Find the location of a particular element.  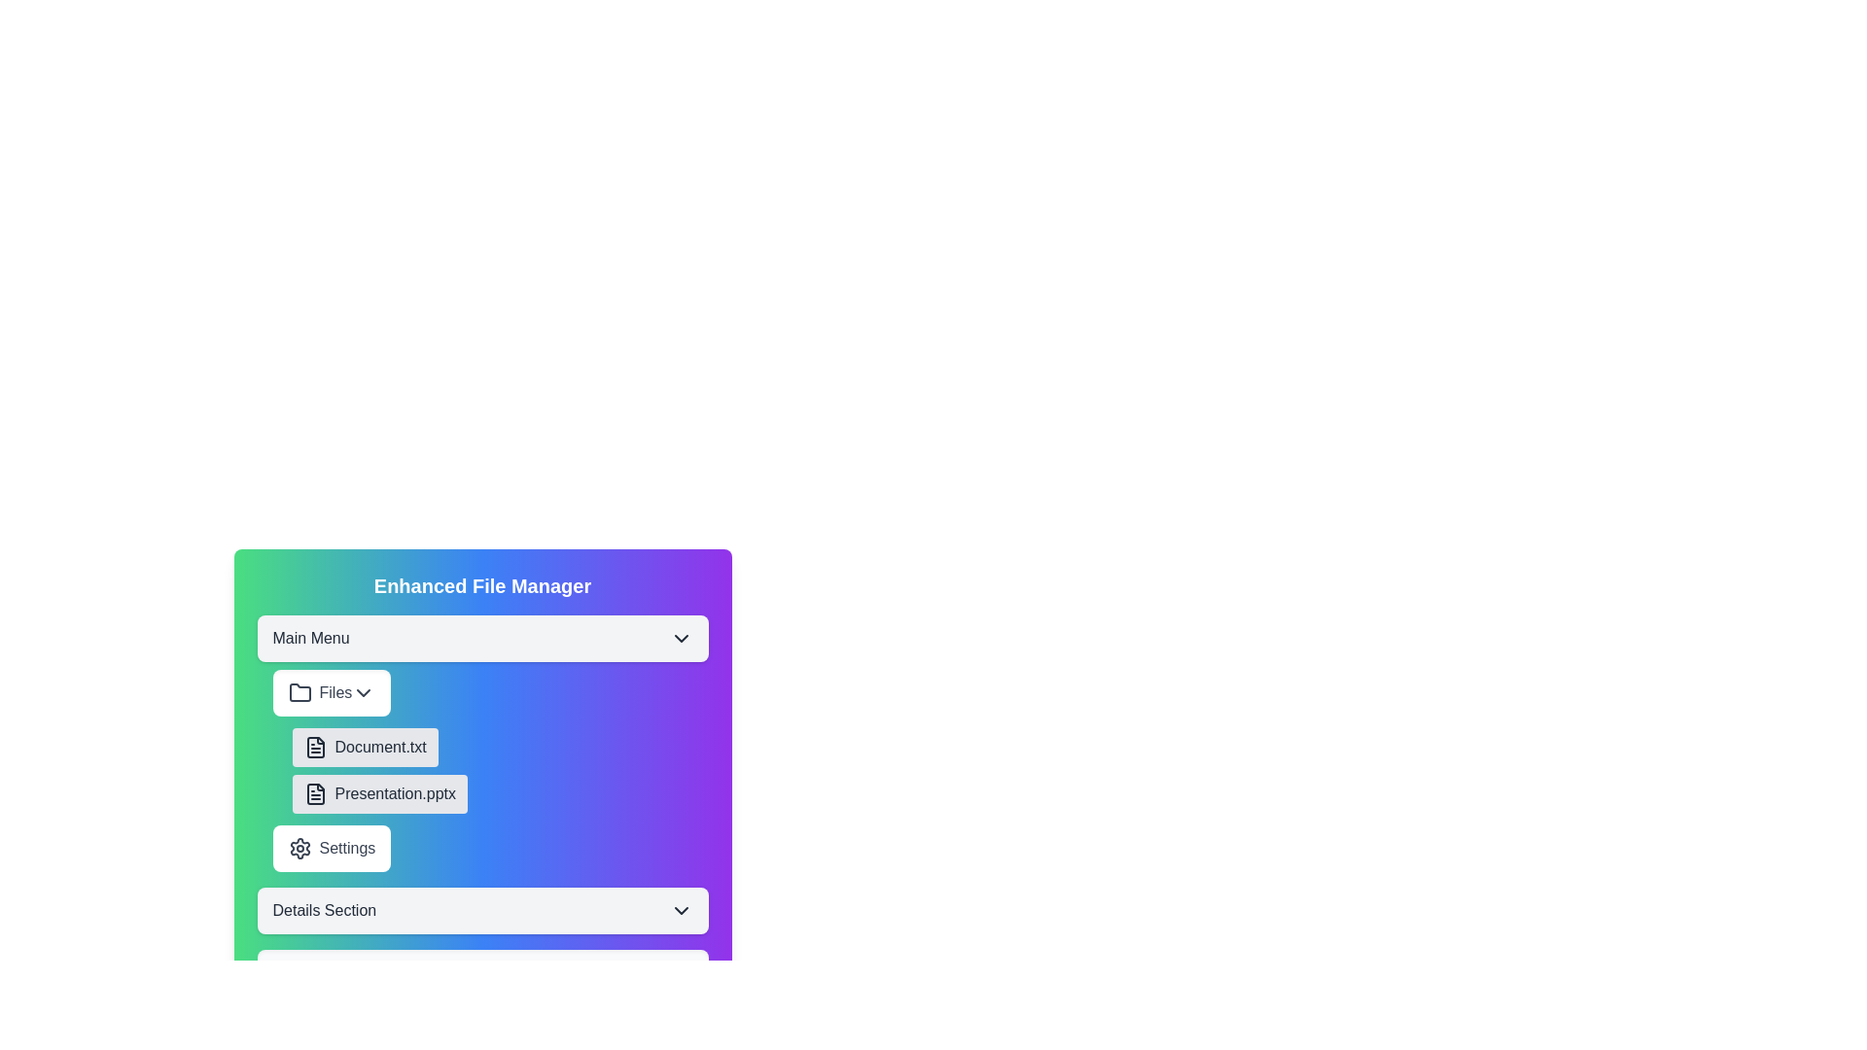

the file or document icon, which is a vector graphic with dark outlines and a white fill, located to the left of the text 'Presentation.pptx' is located at coordinates (315, 746).